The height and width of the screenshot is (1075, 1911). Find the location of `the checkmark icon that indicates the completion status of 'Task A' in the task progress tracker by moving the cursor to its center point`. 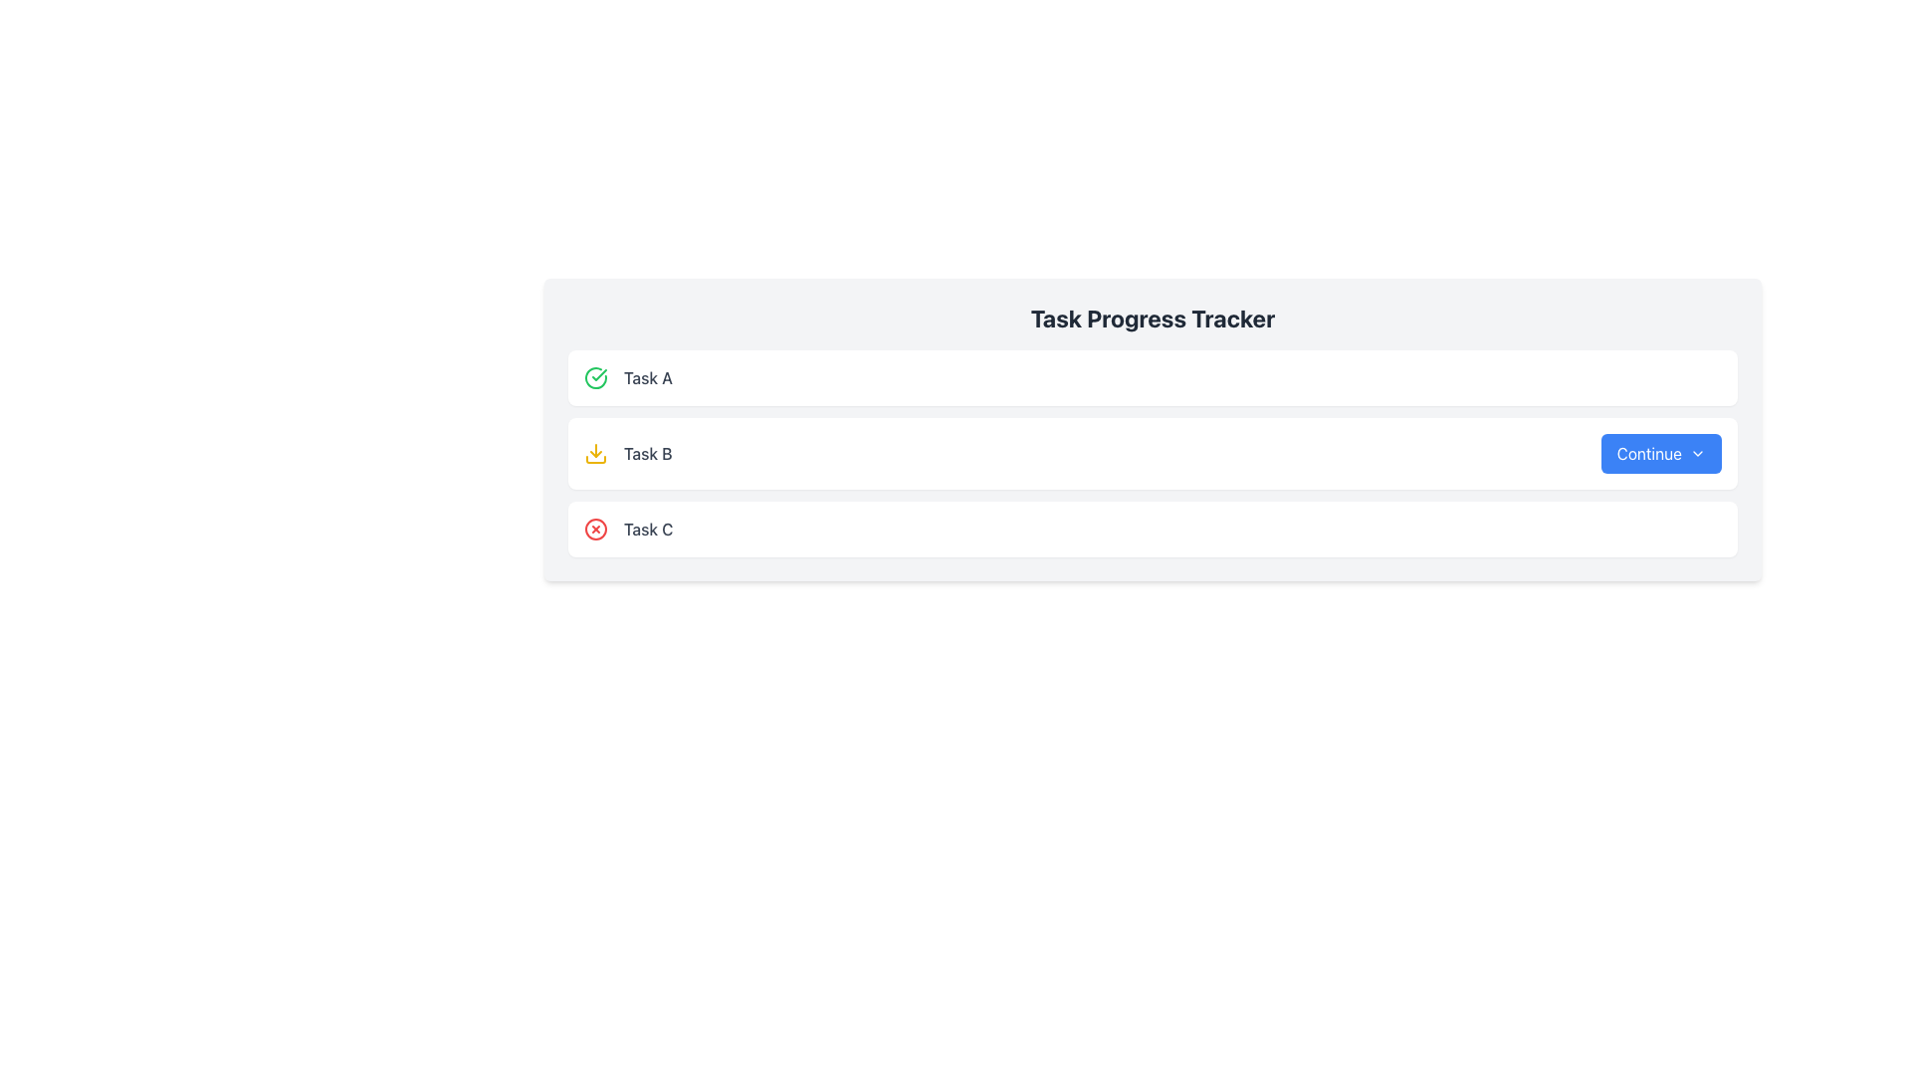

the checkmark icon that indicates the completion status of 'Task A' in the task progress tracker by moving the cursor to its center point is located at coordinates (598, 375).